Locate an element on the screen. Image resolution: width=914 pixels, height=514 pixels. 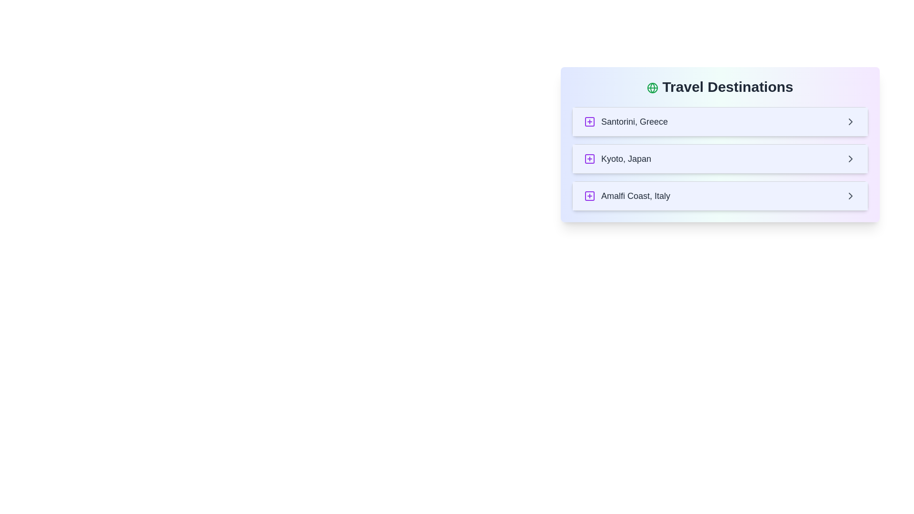
the interactive icon component that symbolizes an addition feature for the 'Santorini, Greece' list item is located at coordinates (589, 121).